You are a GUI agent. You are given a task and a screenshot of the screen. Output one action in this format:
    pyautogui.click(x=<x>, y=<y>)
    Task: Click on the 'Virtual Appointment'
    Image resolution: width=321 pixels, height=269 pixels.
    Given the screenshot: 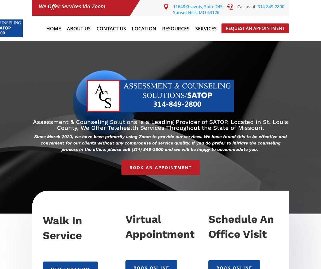 What is the action you would take?
    pyautogui.click(x=159, y=226)
    